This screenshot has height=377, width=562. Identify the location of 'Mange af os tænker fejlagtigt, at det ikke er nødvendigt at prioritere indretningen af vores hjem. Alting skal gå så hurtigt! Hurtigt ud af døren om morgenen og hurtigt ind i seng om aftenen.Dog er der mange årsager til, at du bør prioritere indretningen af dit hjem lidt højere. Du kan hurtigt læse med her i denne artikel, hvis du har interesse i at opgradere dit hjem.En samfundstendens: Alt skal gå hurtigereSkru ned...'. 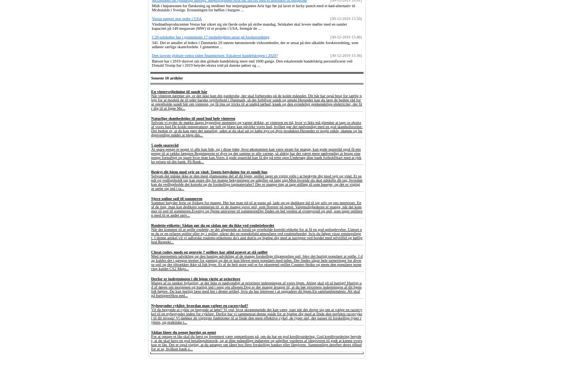
(256, 288).